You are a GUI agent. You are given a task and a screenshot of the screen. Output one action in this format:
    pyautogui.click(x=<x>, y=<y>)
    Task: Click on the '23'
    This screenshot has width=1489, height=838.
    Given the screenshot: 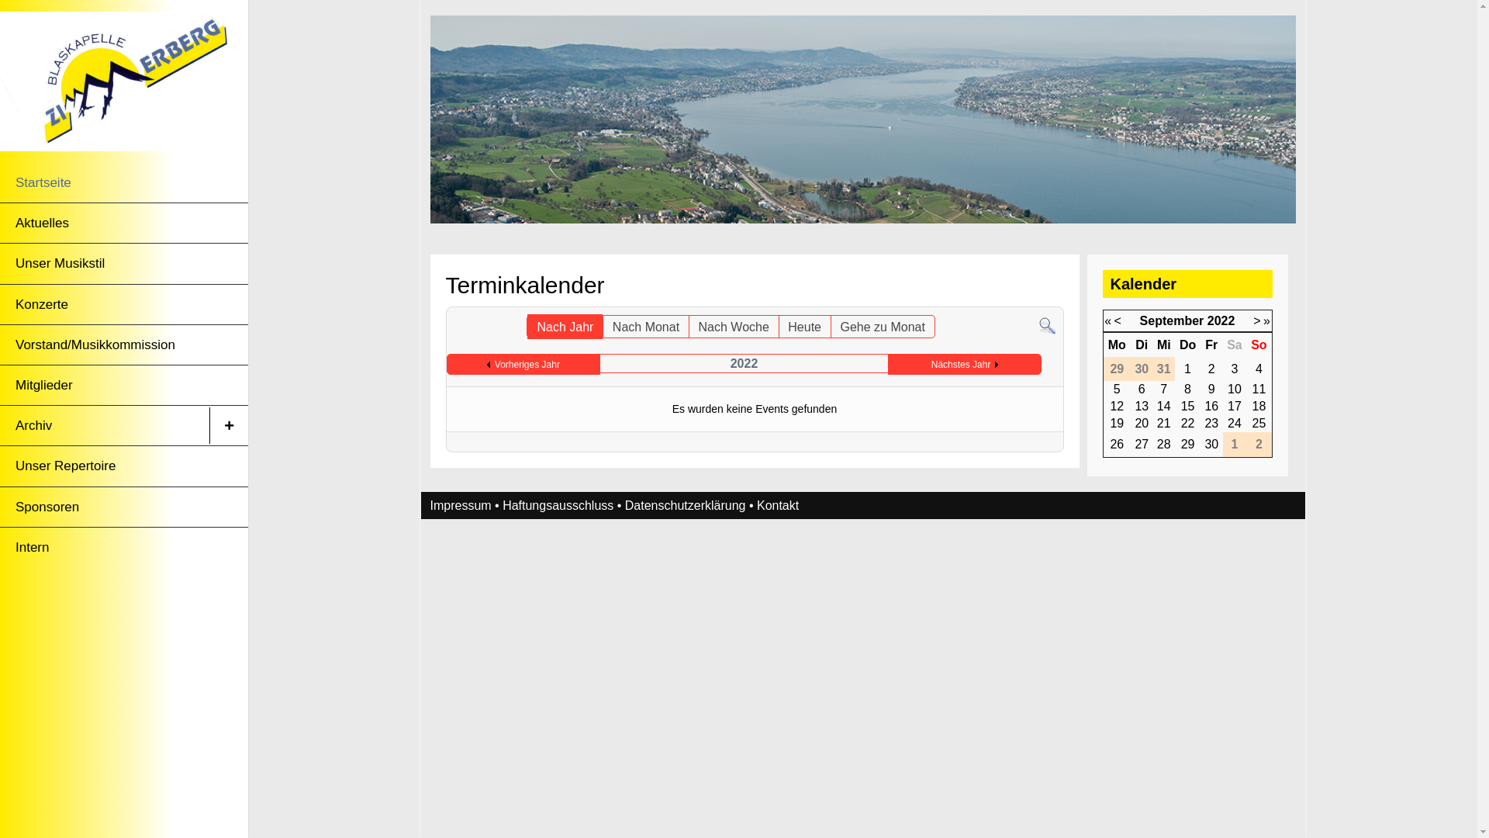 What is the action you would take?
    pyautogui.click(x=1210, y=423)
    